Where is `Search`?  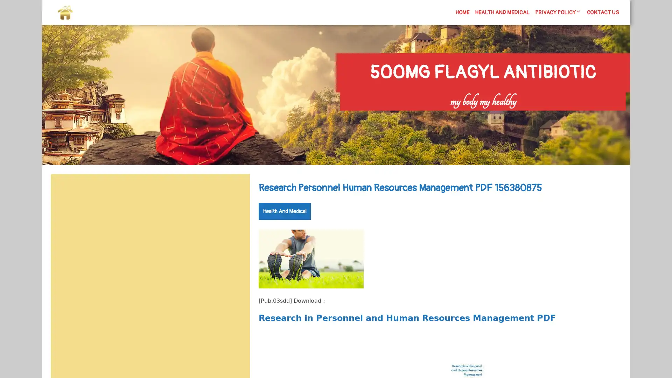
Search is located at coordinates (545, 114).